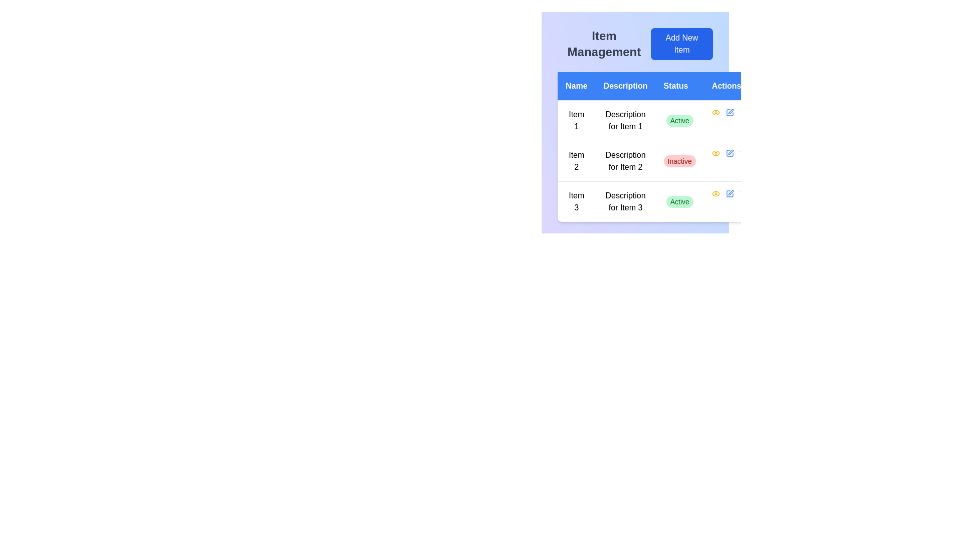 The width and height of the screenshot is (962, 541). I want to click on the small red-colored icon in the 'Actions' column of the first table row, which is the third icon following a blue pencil icon, so click(744, 112).